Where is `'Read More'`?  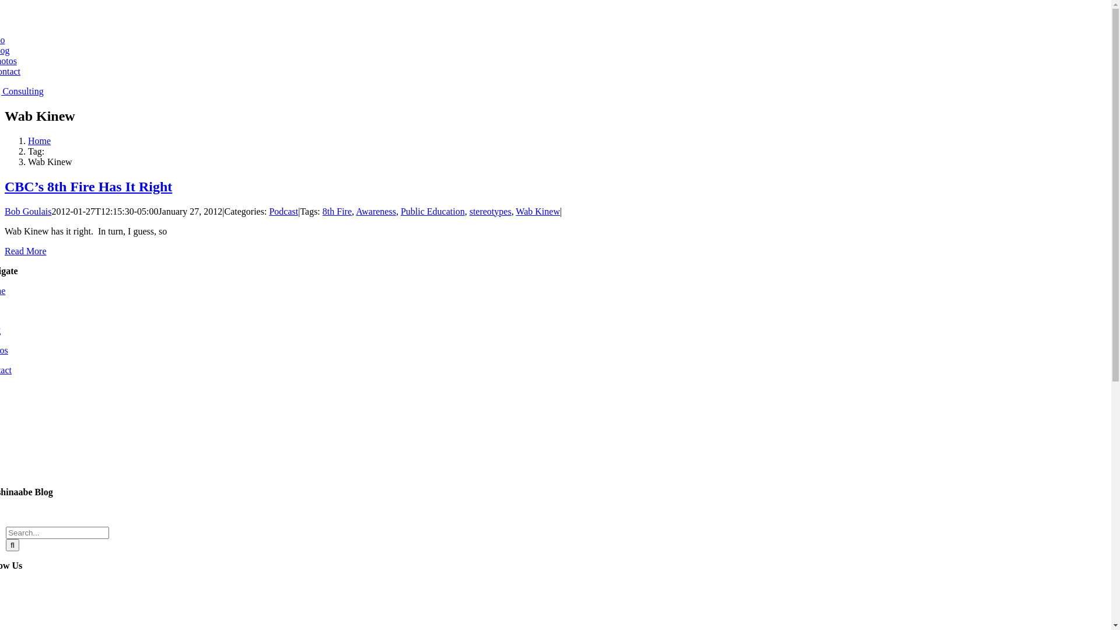 'Read More' is located at coordinates (25, 250).